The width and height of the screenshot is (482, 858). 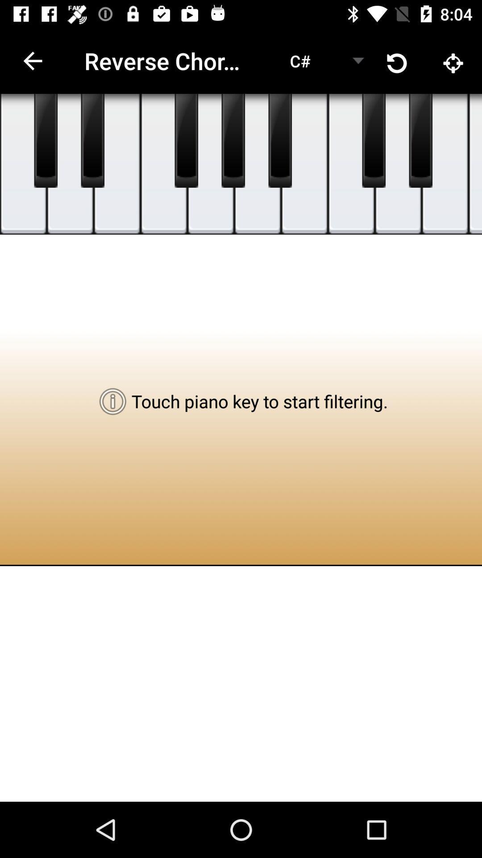 What do you see at coordinates (304, 164) in the screenshot?
I see `hit c note` at bounding box center [304, 164].